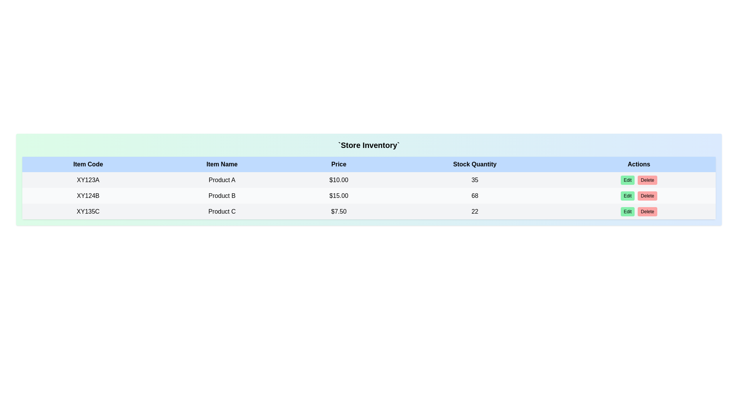  Describe the element at coordinates (221, 211) in the screenshot. I see `the text label displaying 'Product C' located in the 'Item Name' column of the table, specifically in the row corresponding to item code 'XY135C'` at that location.